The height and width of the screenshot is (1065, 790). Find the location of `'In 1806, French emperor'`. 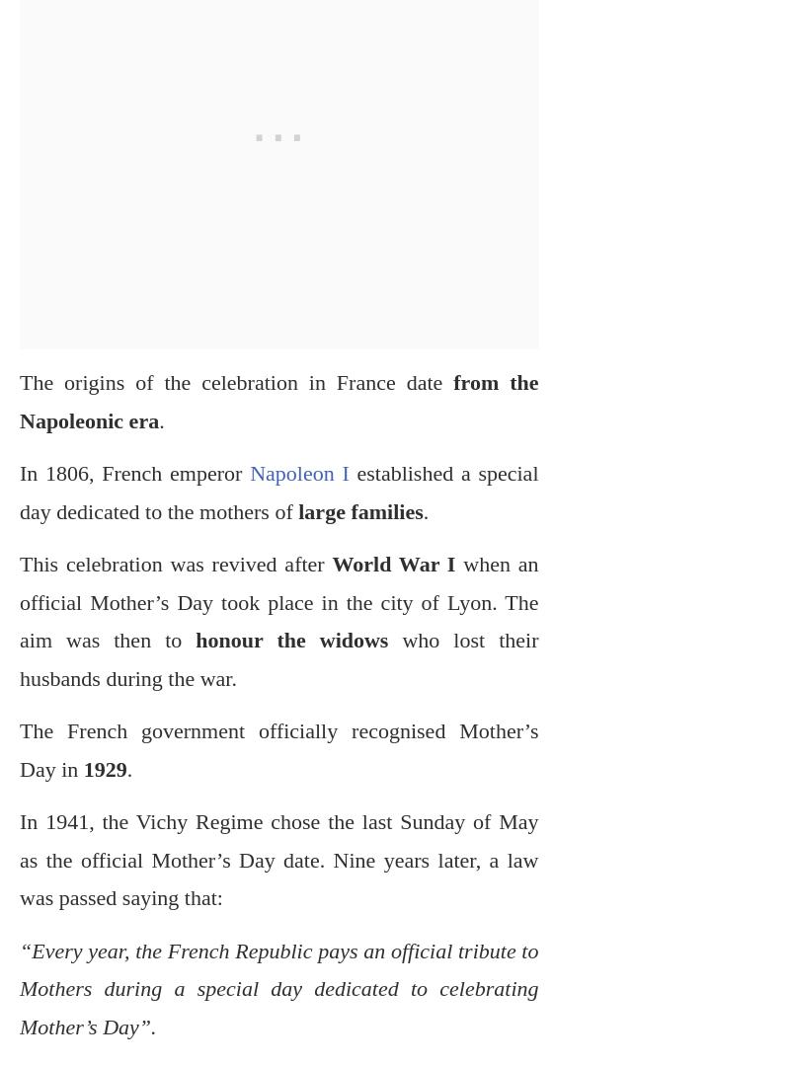

'In 1806, French emperor' is located at coordinates (20, 472).